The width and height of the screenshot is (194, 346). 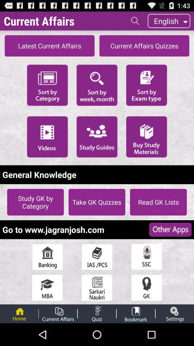 I want to click on sarkarinaukri, so click(x=97, y=288).